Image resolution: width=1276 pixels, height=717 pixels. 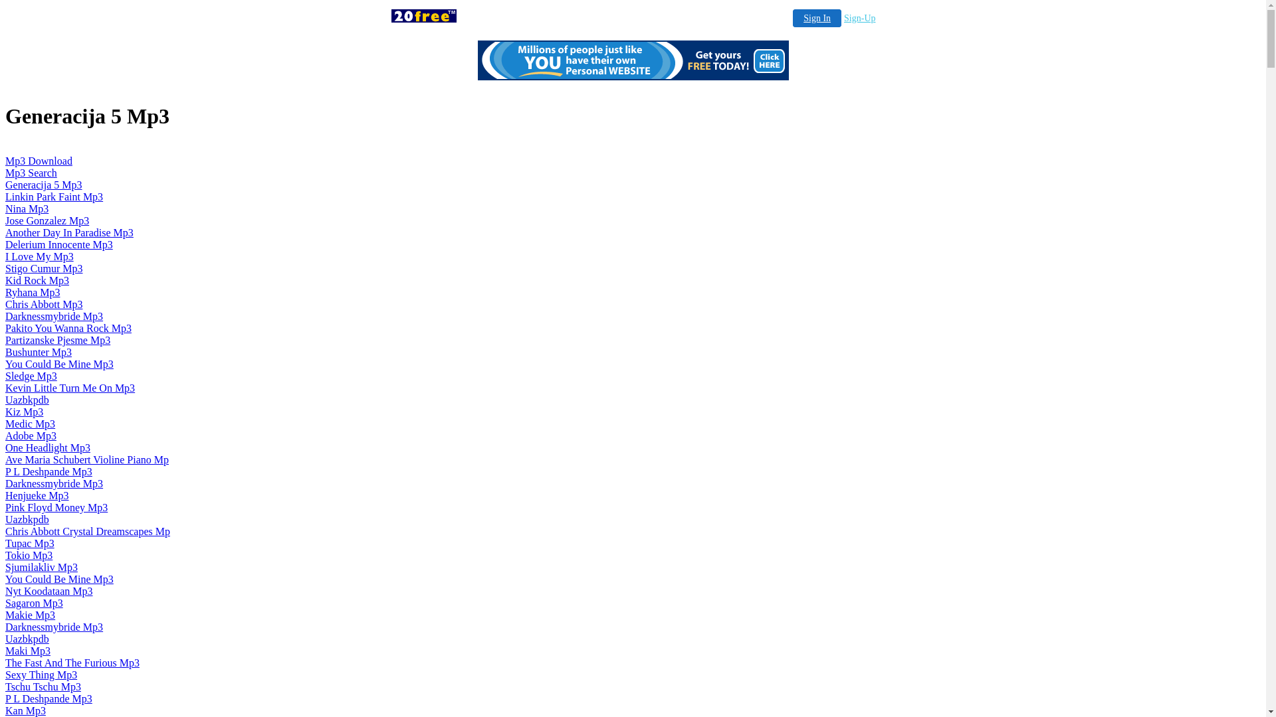 I want to click on 'Pakito You Wanna Rock Mp3', so click(x=67, y=328).